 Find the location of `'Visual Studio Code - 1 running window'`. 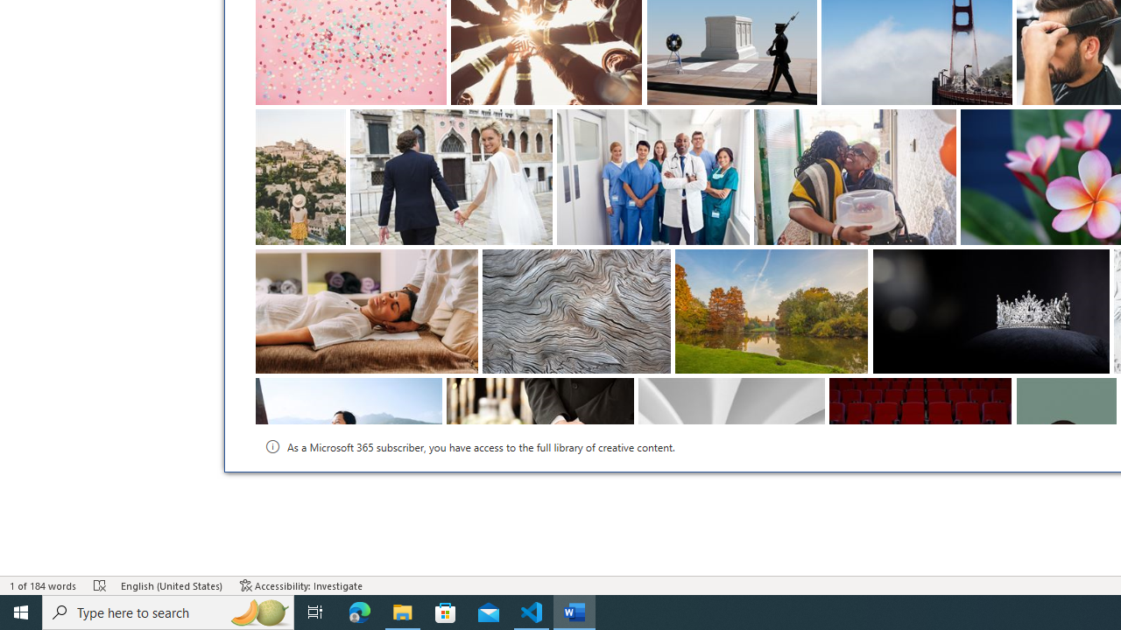

'Visual Studio Code - 1 running window' is located at coordinates (531, 611).